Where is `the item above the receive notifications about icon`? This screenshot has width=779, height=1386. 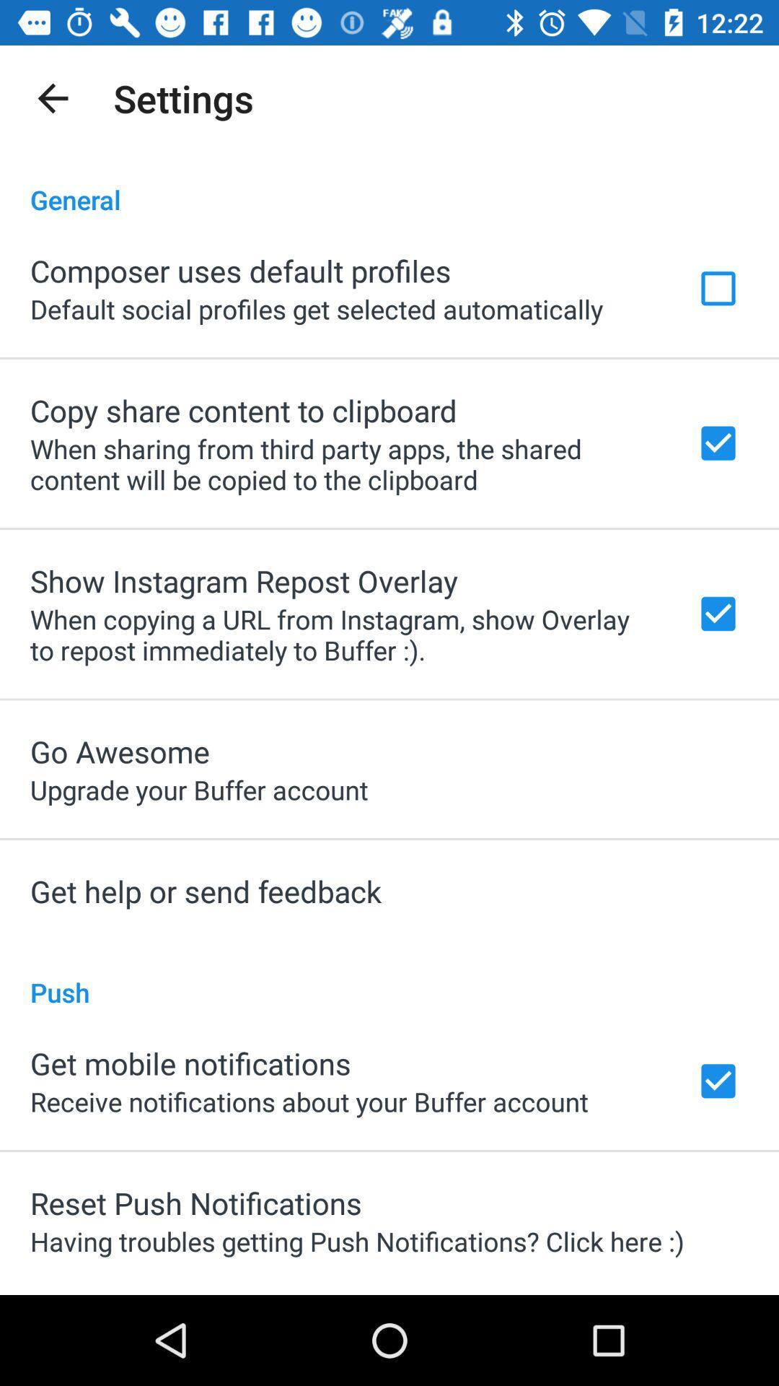
the item above the receive notifications about icon is located at coordinates (190, 1063).